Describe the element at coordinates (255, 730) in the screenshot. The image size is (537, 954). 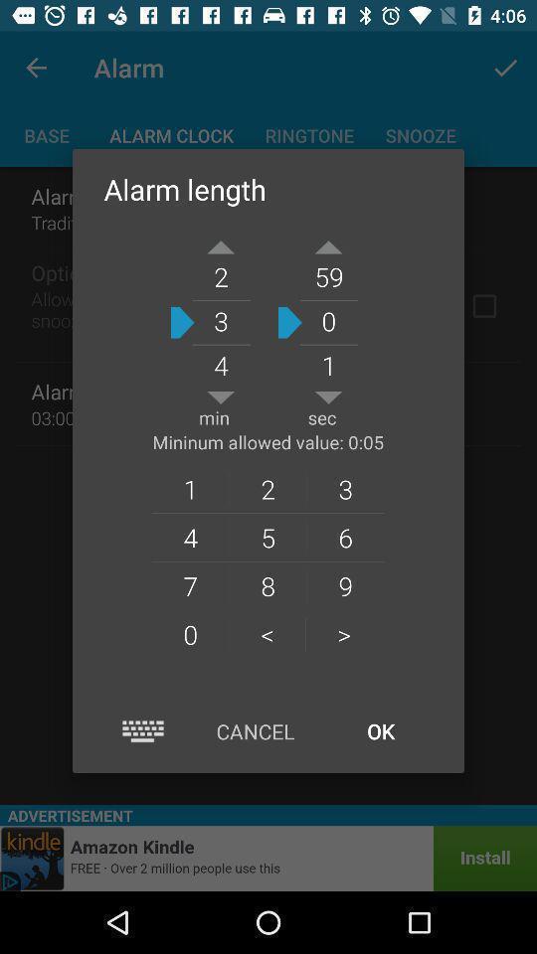
I see `the item next to the ok` at that location.